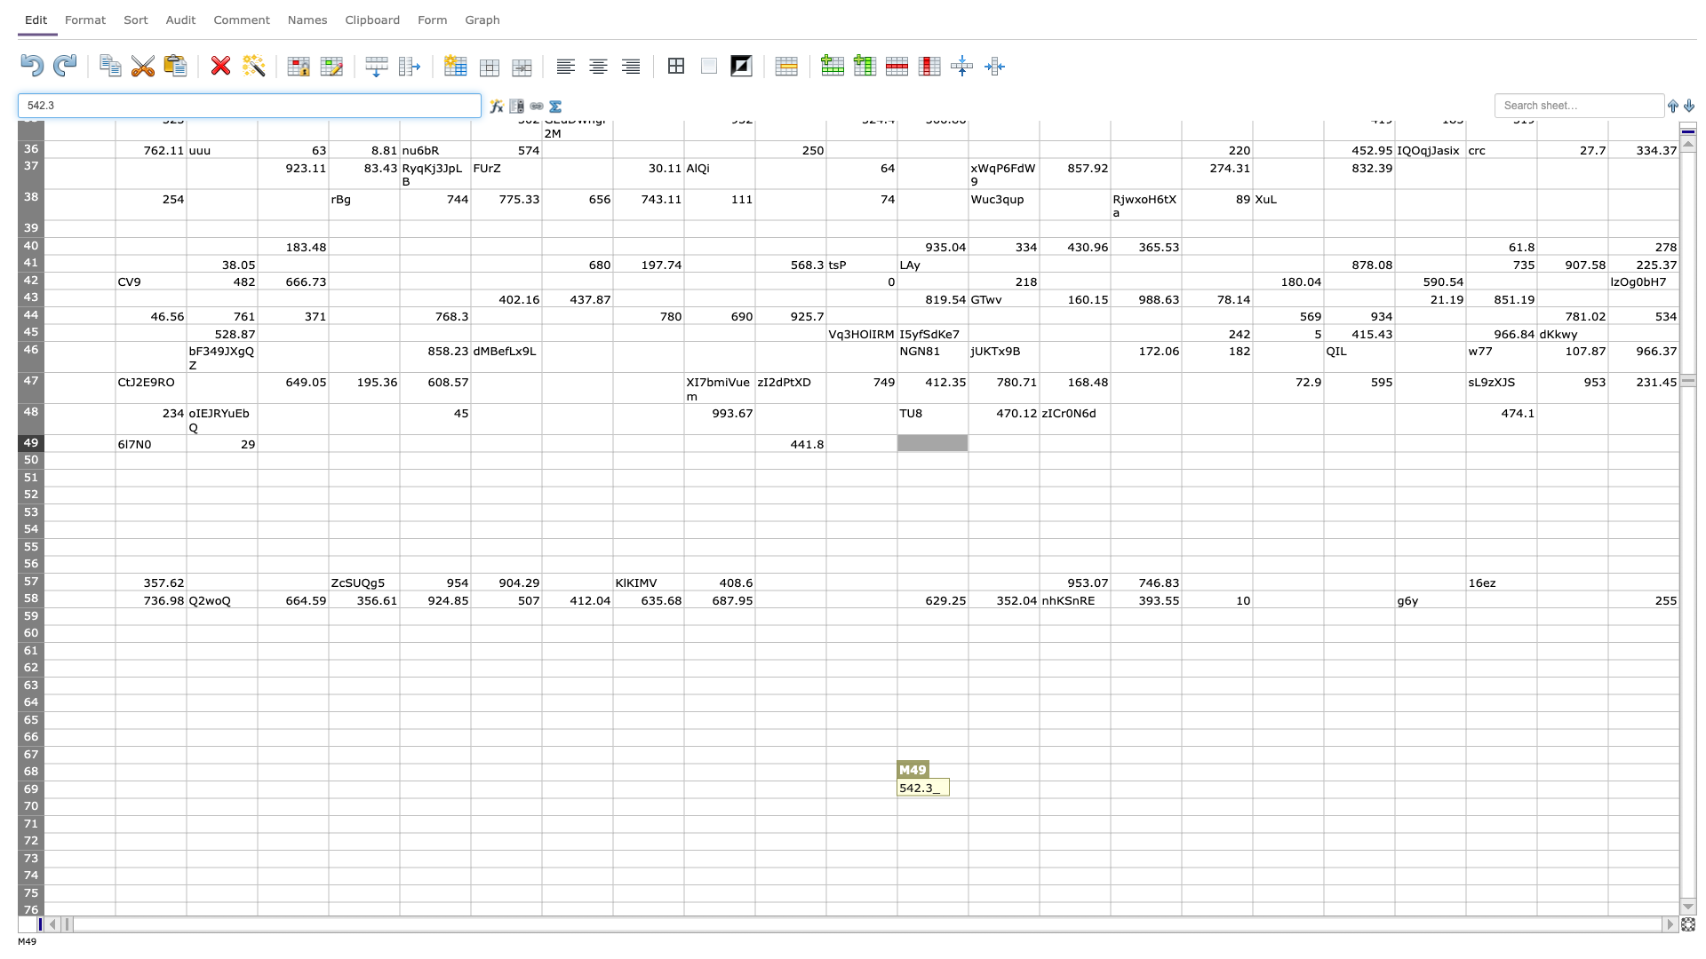 This screenshot has height=959, width=1706. Describe the element at coordinates (1040, 797) in the screenshot. I see `bottom right corner of cell N69` at that location.